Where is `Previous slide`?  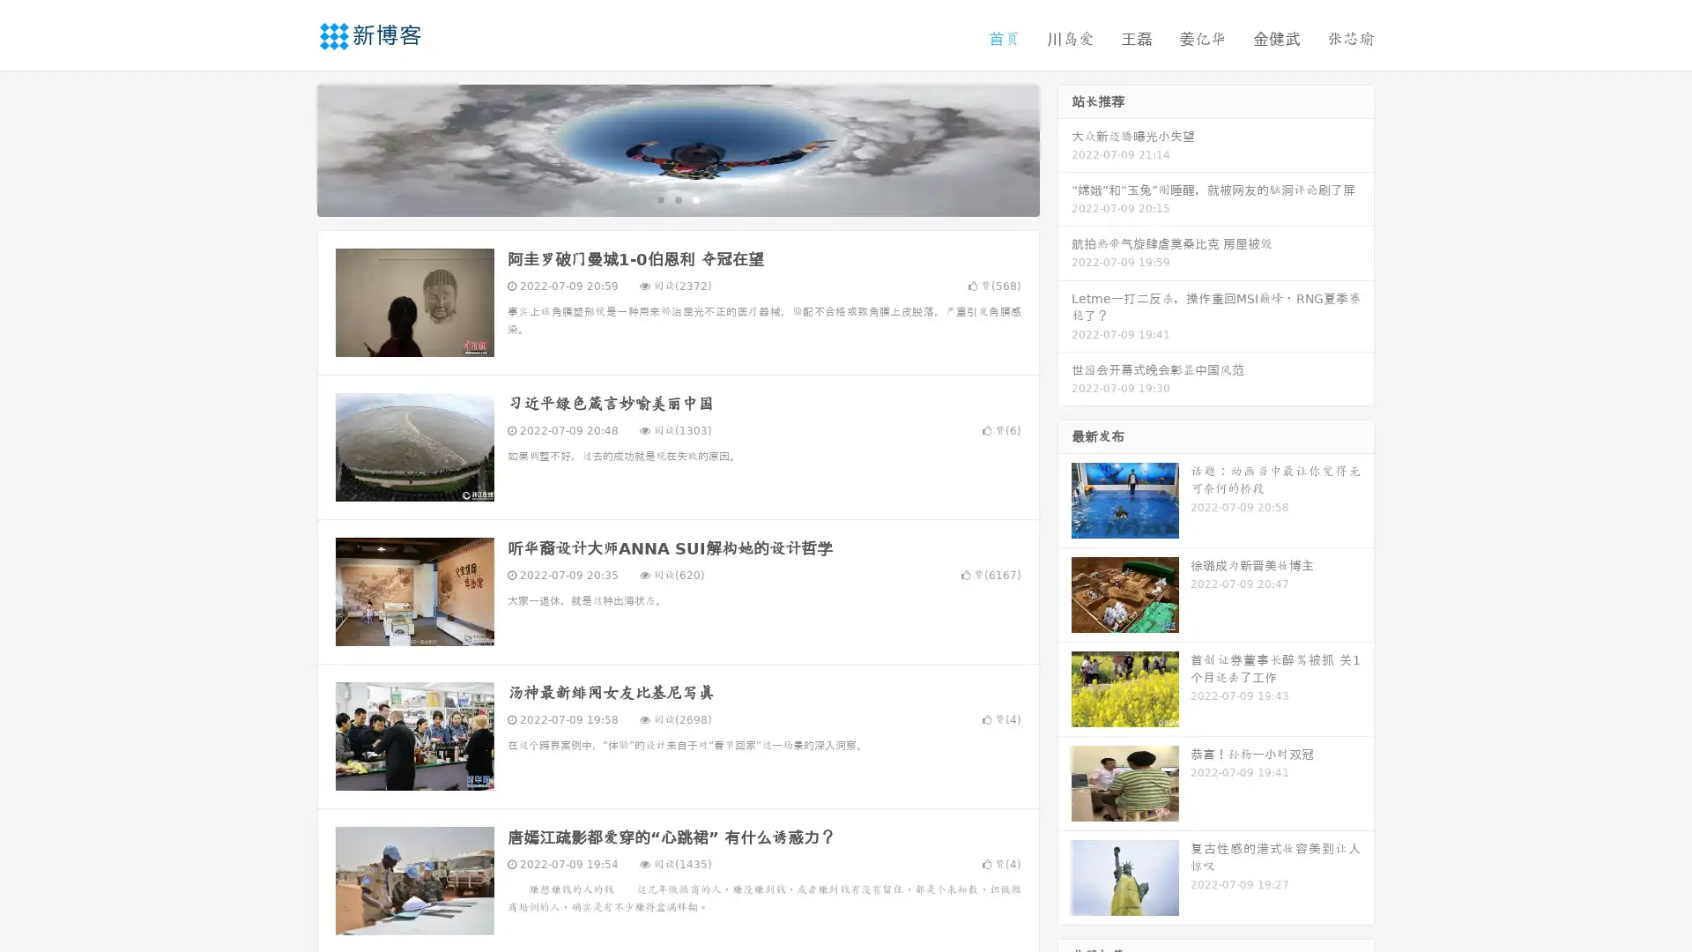 Previous slide is located at coordinates (291, 148).